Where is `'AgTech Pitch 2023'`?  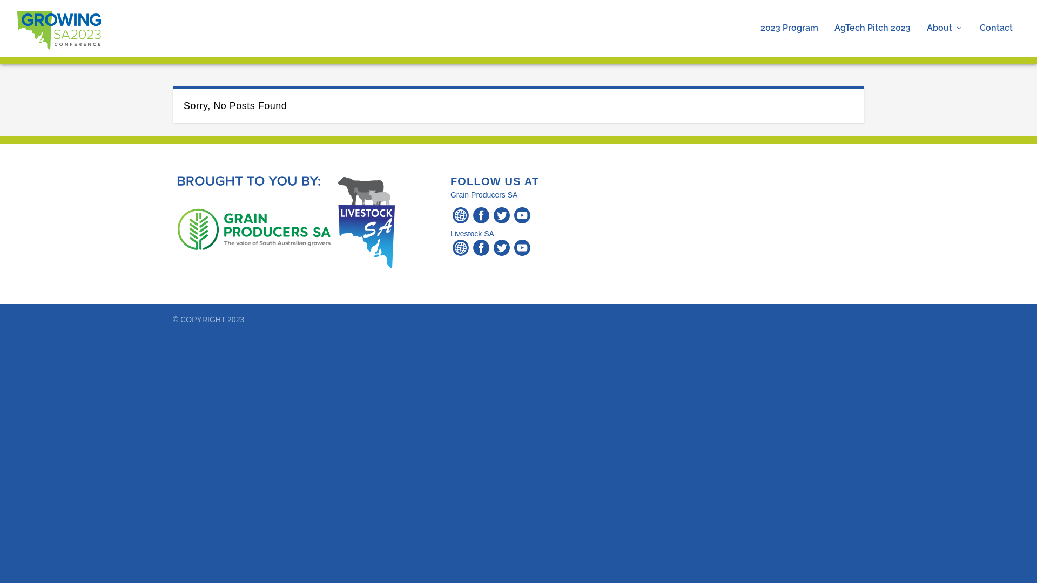
'AgTech Pitch 2023' is located at coordinates (872, 39).